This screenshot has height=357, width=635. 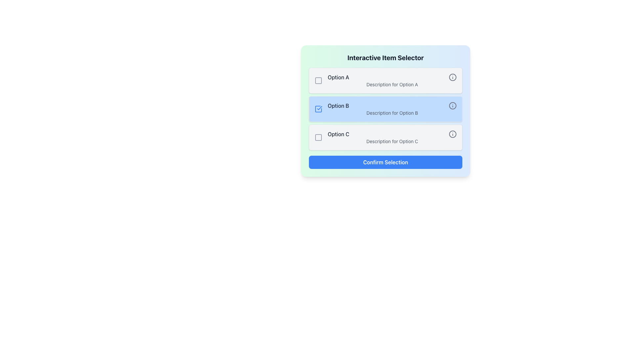 I want to click on the active Checkbox element with a blue checkmark icon located, so click(x=318, y=109).